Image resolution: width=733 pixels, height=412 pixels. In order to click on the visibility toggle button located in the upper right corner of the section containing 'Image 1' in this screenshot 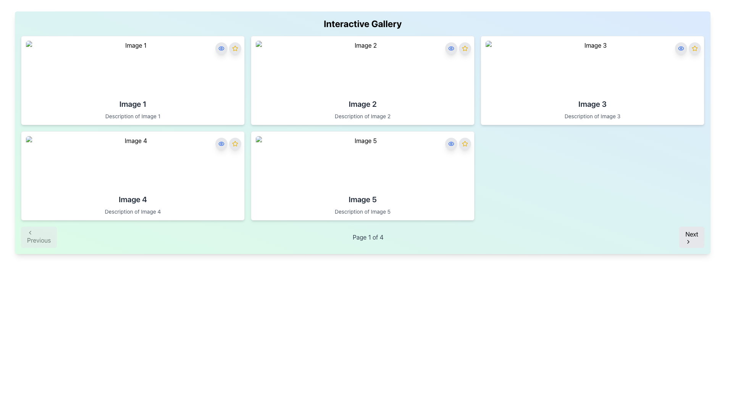, I will do `click(221, 48)`.